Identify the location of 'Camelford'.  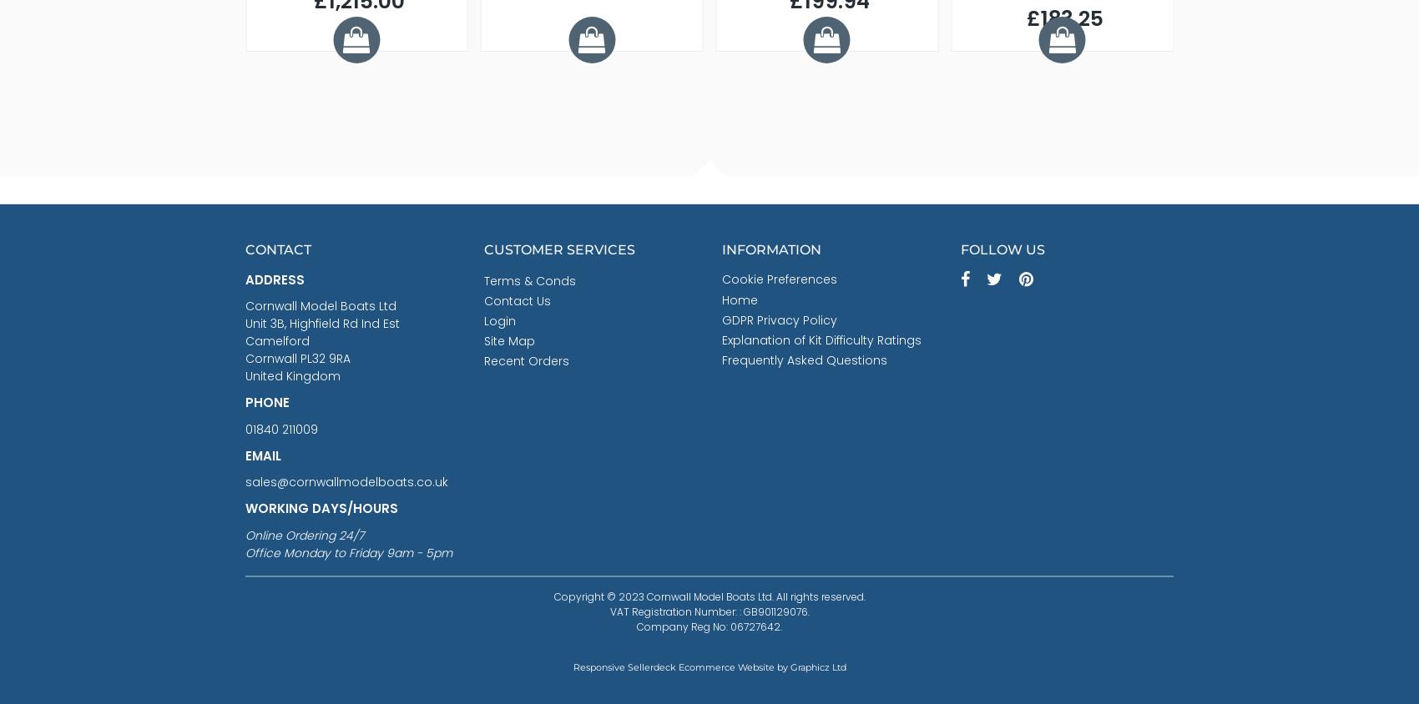
(245, 341).